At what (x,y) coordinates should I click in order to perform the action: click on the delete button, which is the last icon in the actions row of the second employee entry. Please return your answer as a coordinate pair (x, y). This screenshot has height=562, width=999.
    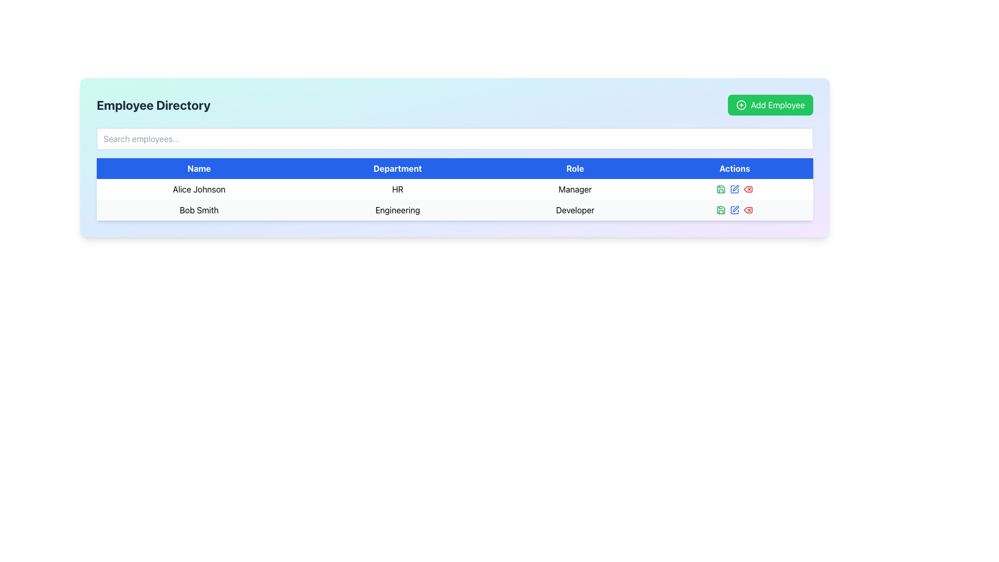
    Looking at the image, I should click on (748, 210).